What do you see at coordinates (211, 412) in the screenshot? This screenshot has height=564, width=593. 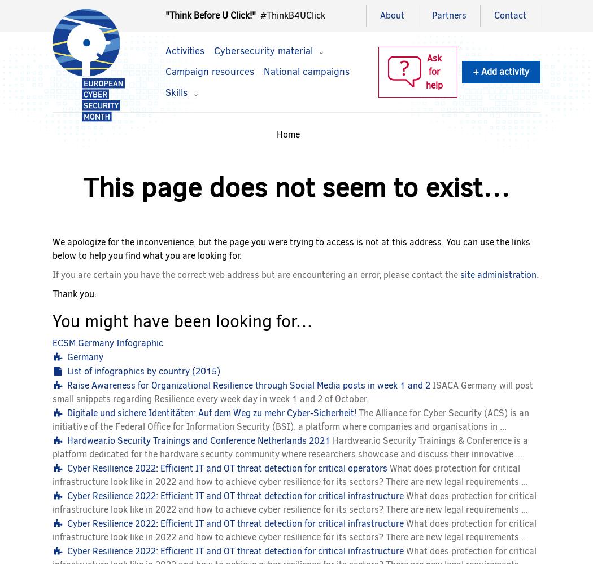 I see `'Digitale und sichere Identitäten: Auf dem Weg zu mehr Cyber-Sicherheit!'` at bounding box center [211, 412].